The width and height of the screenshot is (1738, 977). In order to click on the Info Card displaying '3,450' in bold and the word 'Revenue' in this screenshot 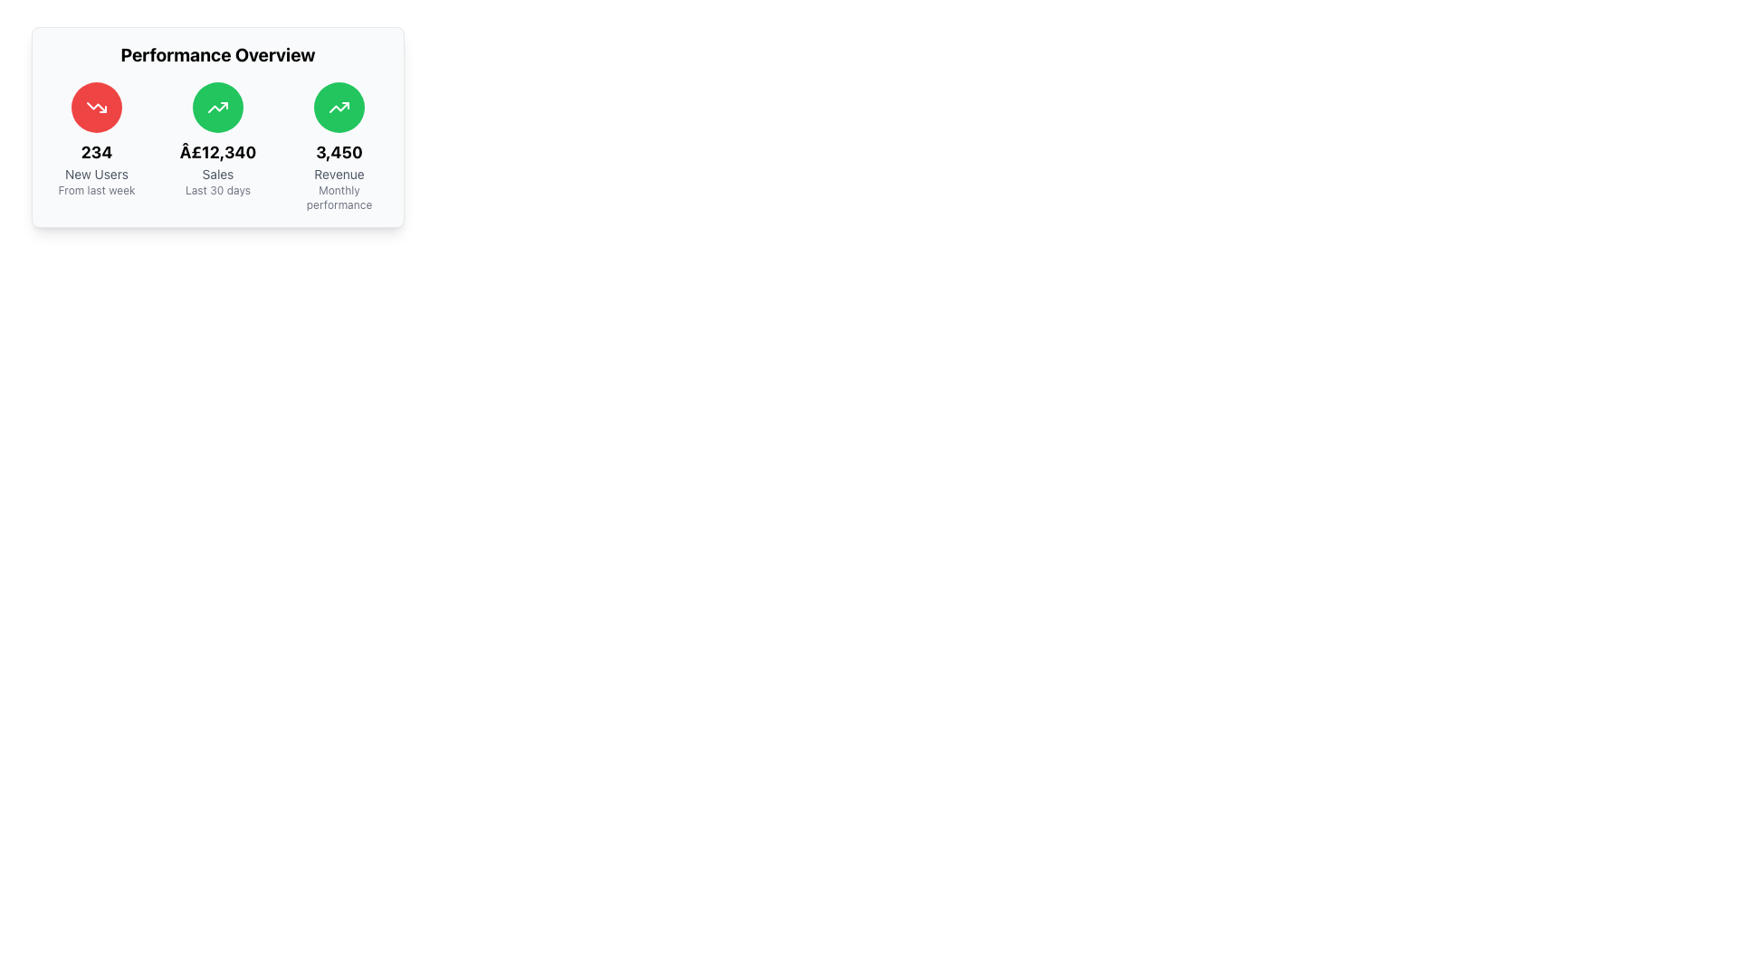, I will do `click(339, 146)`.